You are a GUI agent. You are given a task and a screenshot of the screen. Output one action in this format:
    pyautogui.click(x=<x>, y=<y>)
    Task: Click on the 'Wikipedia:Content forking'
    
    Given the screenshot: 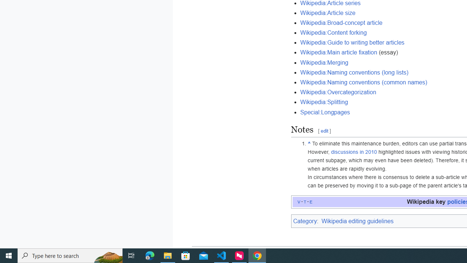 What is the action you would take?
    pyautogui.click(x=333, y=33)
    